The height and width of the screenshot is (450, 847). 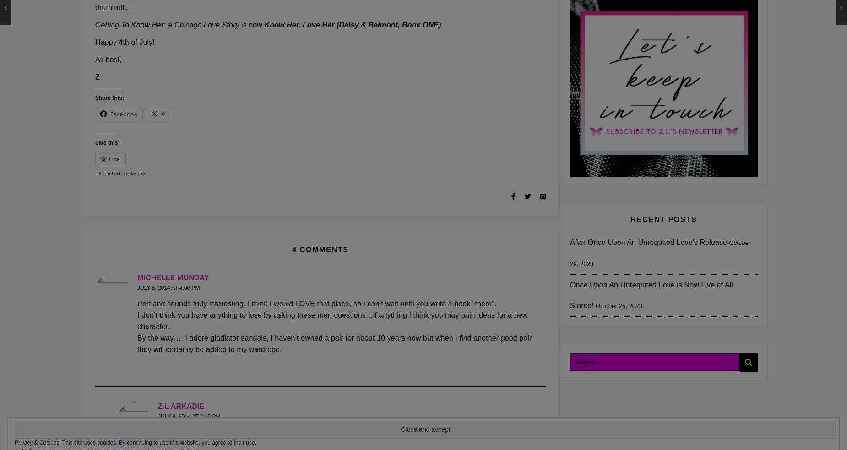 What do you see at coordinates (113, 7) in the screenshot?
I see `'drum roll…'` at bounding box center [113, 7].